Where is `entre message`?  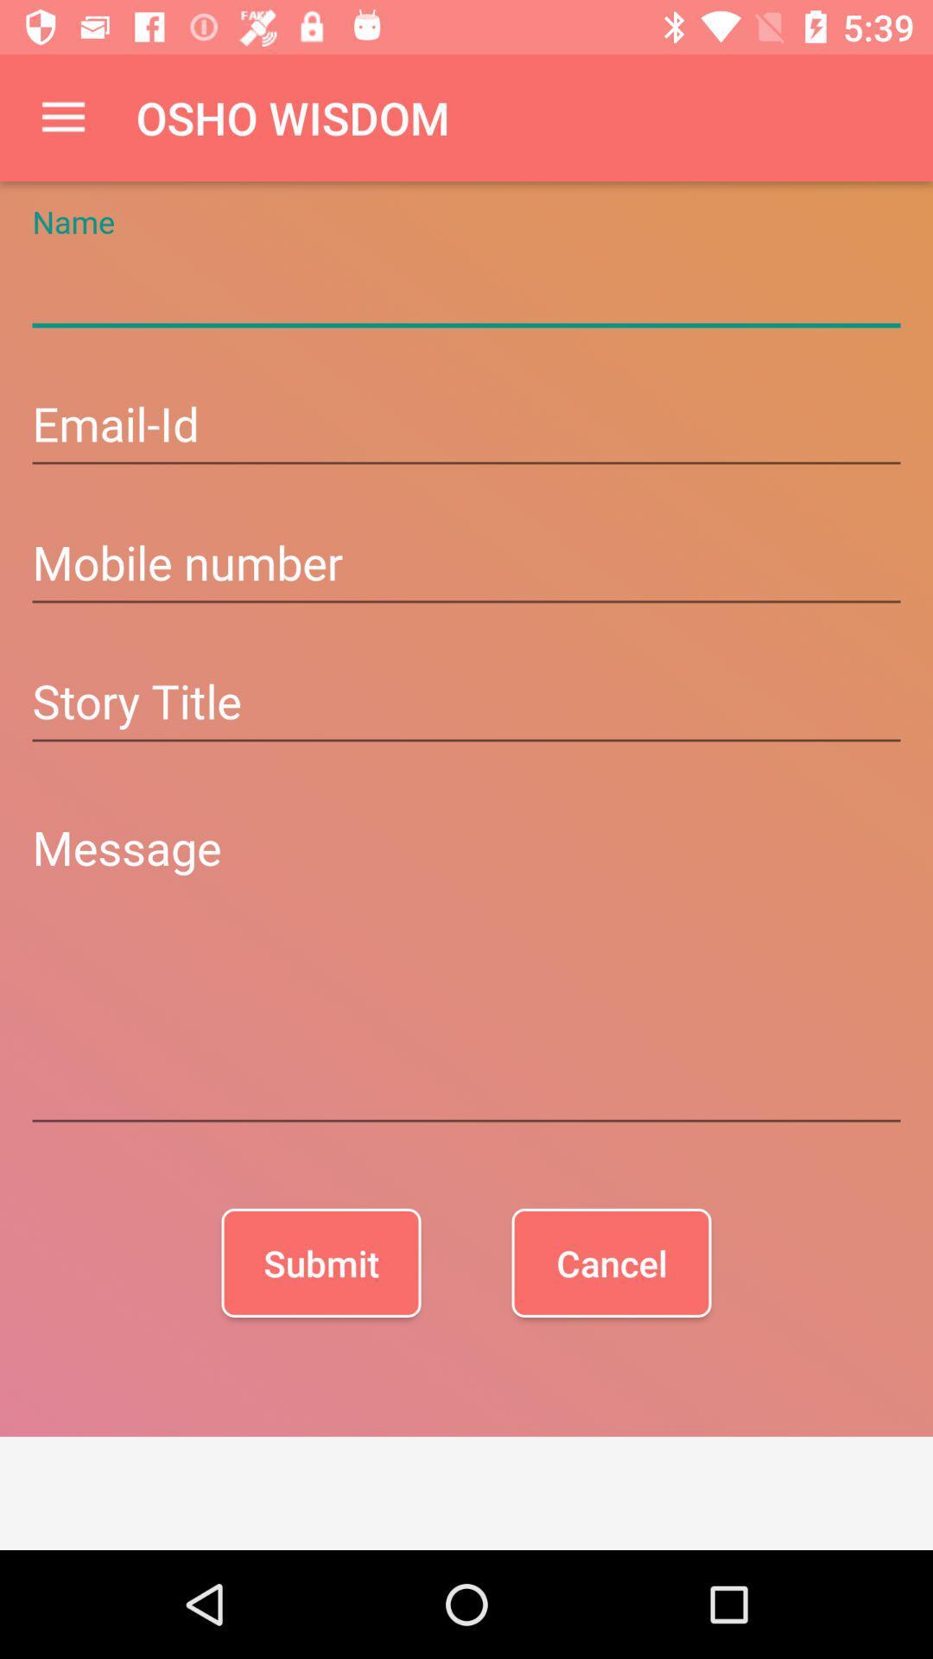
entre message is located at coordinates (466, 969).